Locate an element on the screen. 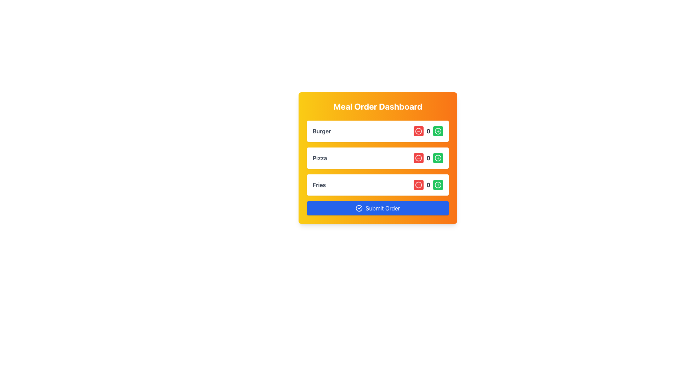 The width and height of the screenshot is (680, 382). the circular minus sign button with a red background located in the 'Fries' meal item row is located at coordinates (419, 185).